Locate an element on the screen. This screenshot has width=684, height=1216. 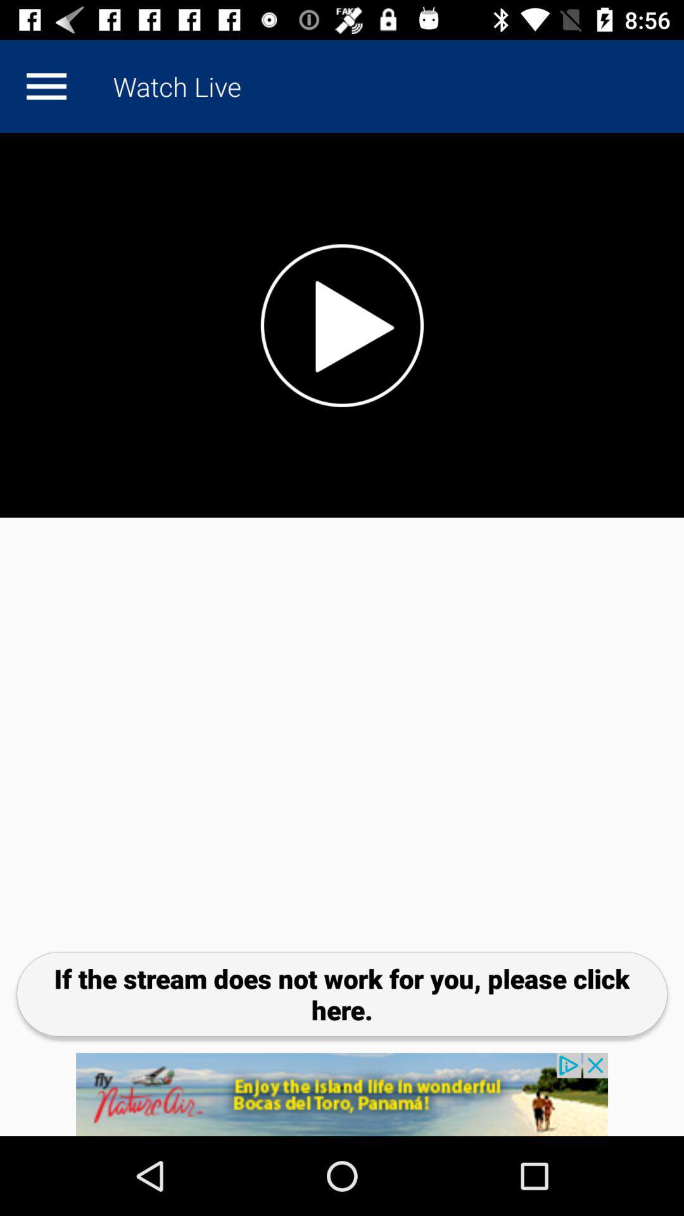
option is located at coordinates (342, 325).